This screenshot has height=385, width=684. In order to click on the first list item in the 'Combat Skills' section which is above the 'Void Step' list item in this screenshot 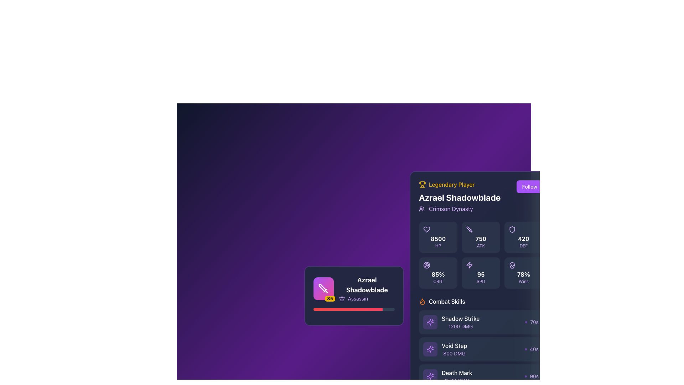, I will do `click(451, 322)`.